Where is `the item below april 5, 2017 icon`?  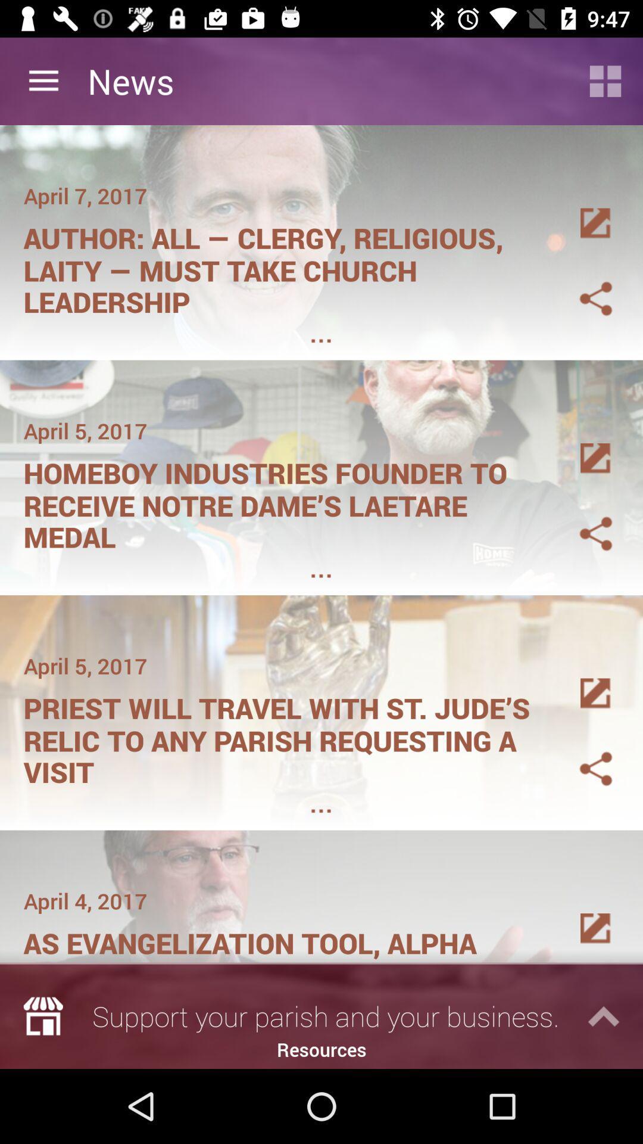
the item below april 5, 2017 icon is located at coordinates (284, 501).